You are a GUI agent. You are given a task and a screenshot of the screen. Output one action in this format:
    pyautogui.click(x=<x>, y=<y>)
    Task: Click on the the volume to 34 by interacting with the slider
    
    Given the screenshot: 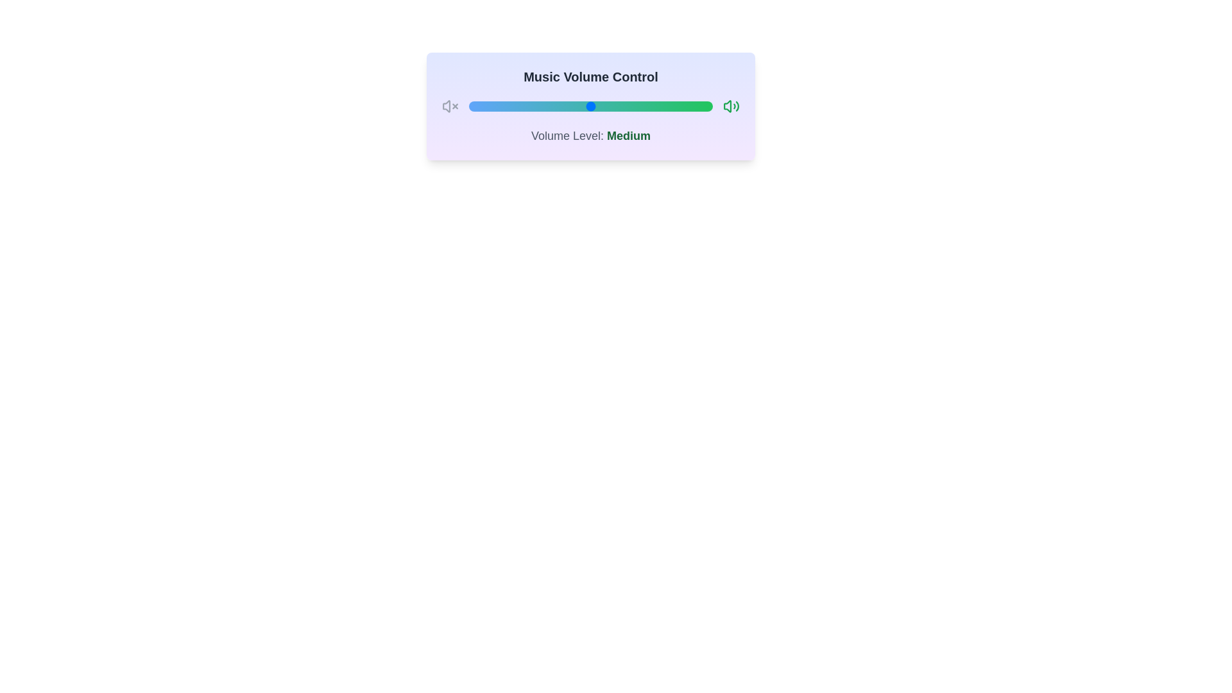 What is the action you would take?
    pyautogui.click(x=552, y=105)
    